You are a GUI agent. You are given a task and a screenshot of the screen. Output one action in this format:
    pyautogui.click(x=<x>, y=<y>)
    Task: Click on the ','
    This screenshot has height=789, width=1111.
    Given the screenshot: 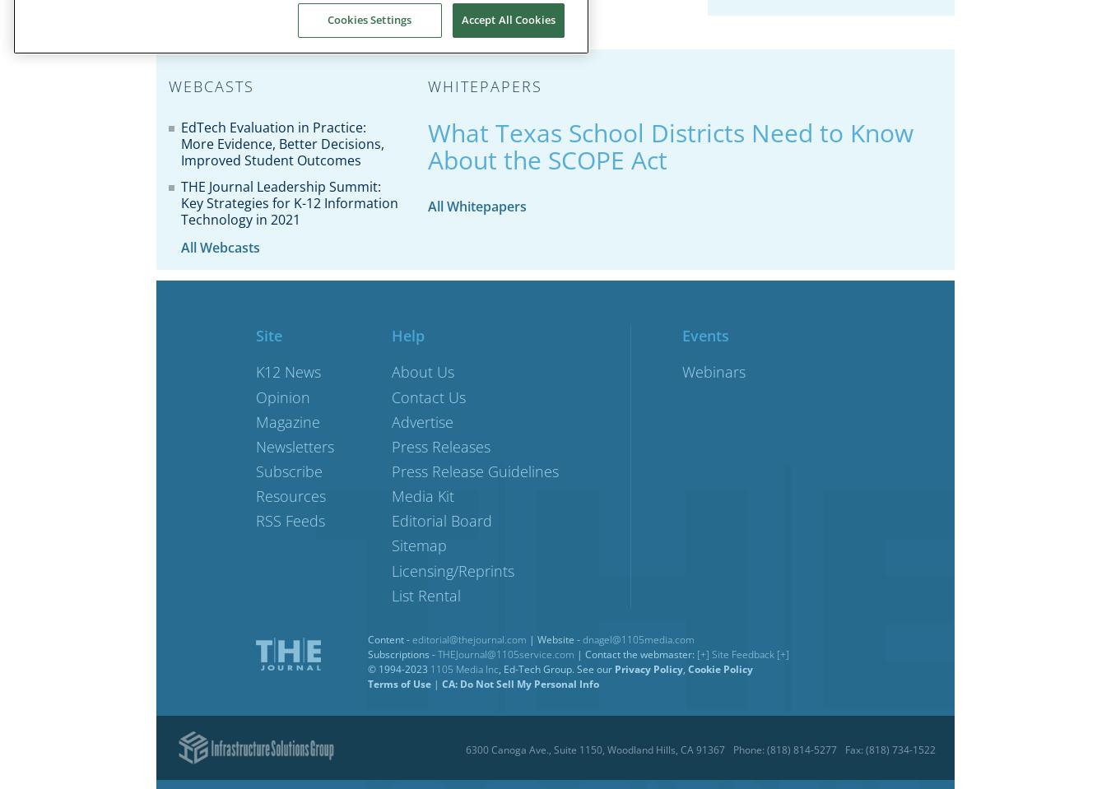 What is the action you would take?
    pyautogui.click(x=685, y=668)
    